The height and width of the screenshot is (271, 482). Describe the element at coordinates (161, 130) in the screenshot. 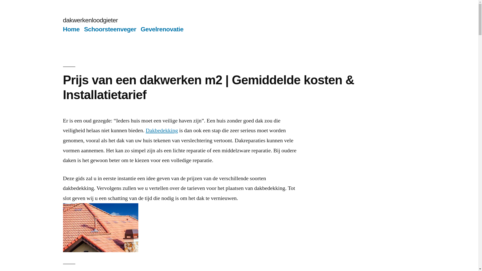

I see `'Dakbedekking'` at that location.